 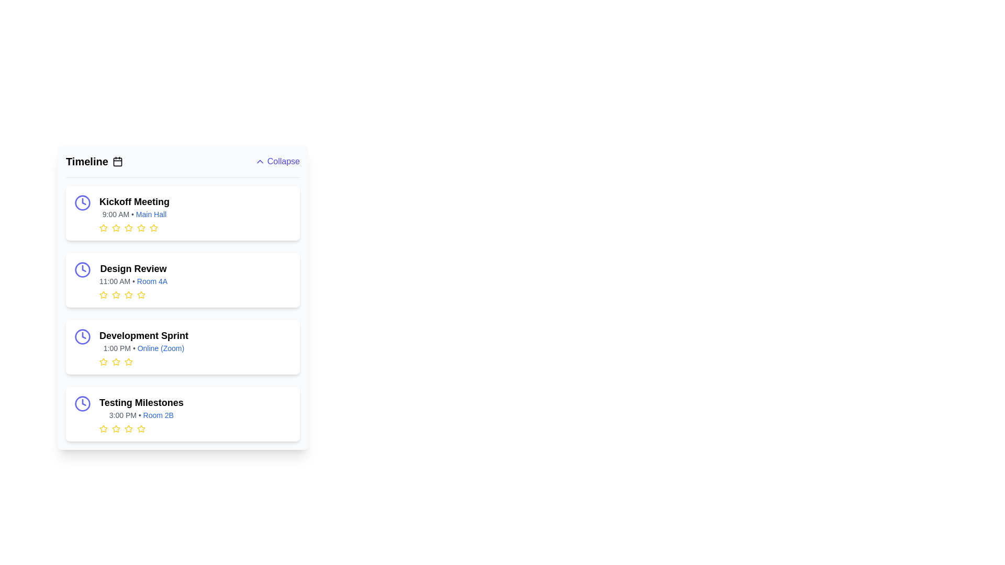 What do you see at coordinates (116, 295) in the screenshot?
I see `the third star icon in the rating system under the 'Design Review' section` at bounding box center [116, 295].